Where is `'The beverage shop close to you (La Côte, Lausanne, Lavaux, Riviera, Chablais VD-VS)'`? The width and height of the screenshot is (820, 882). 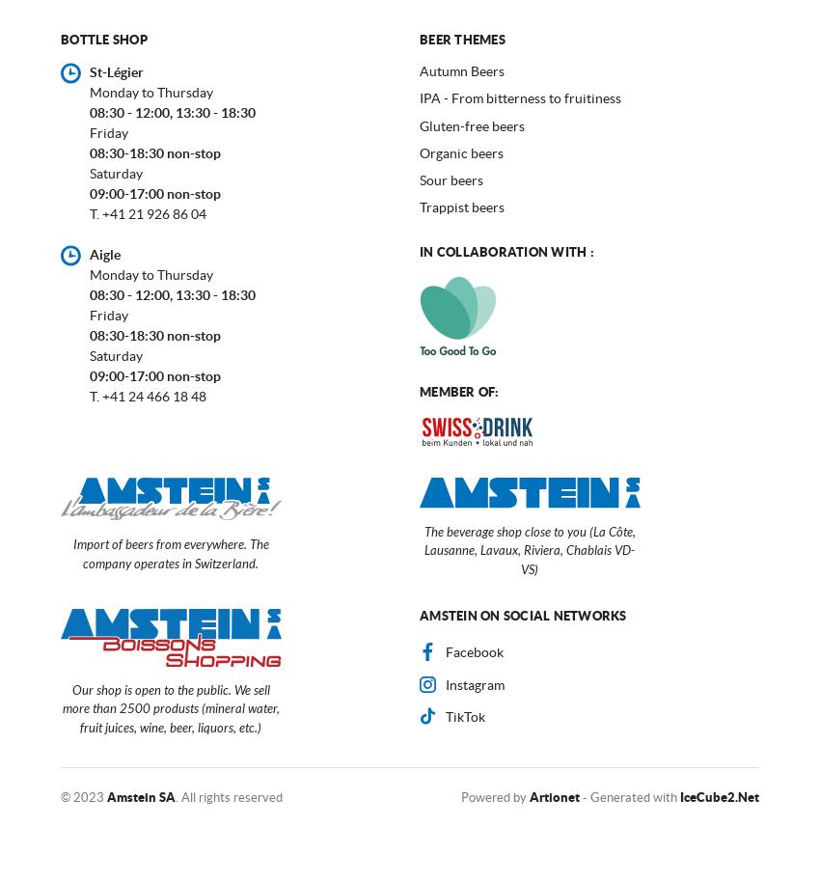
'The beverage shop close to you (La Côte, Lausanne, Lavaux, Riviera, Chablais VD-VS)' is located at coordinates (528, 550).